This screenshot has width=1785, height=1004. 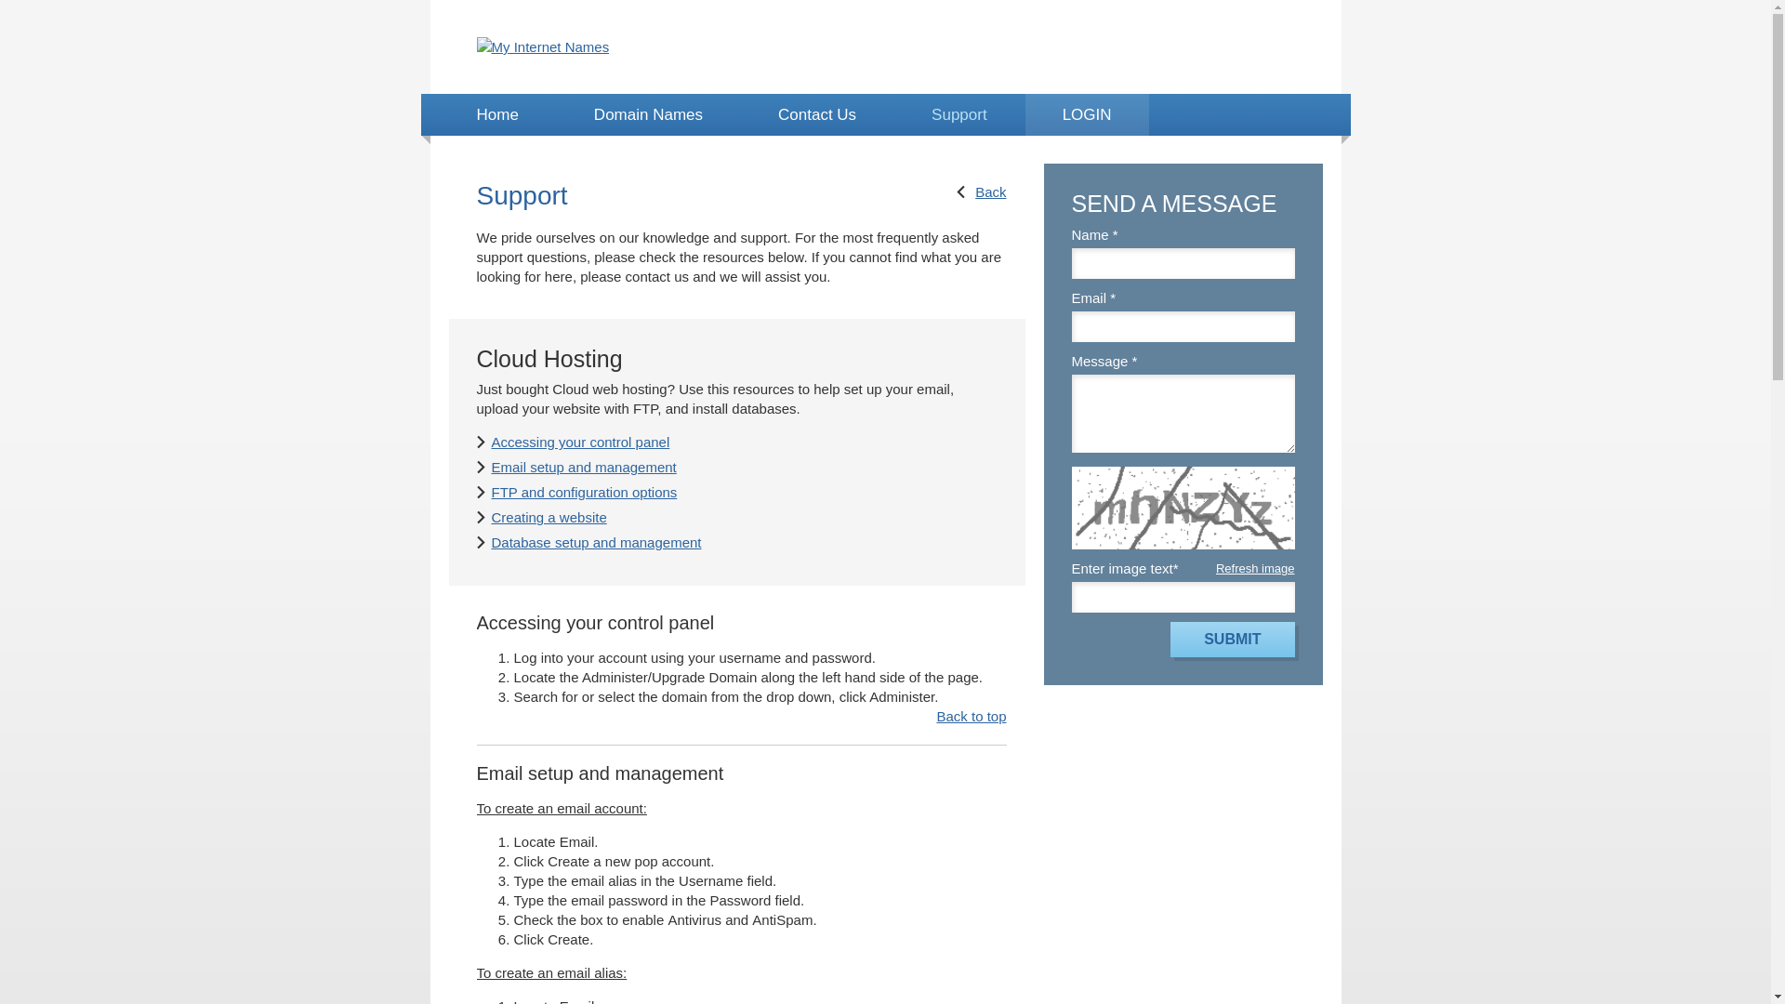 What do you see at coordinates (496, 114) in the screenshot?
I see `'Home'` at bounding box center [496, 114].